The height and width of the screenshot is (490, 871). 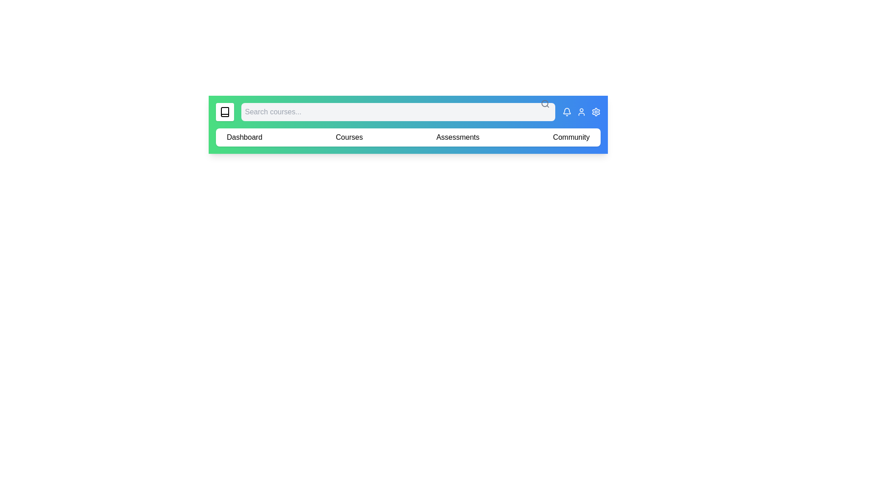 What do you see at coordinates (544, 103) in the screenshot?
I see `the search icon in the top-right corner of the app bar` at bounding box center [544, 103].